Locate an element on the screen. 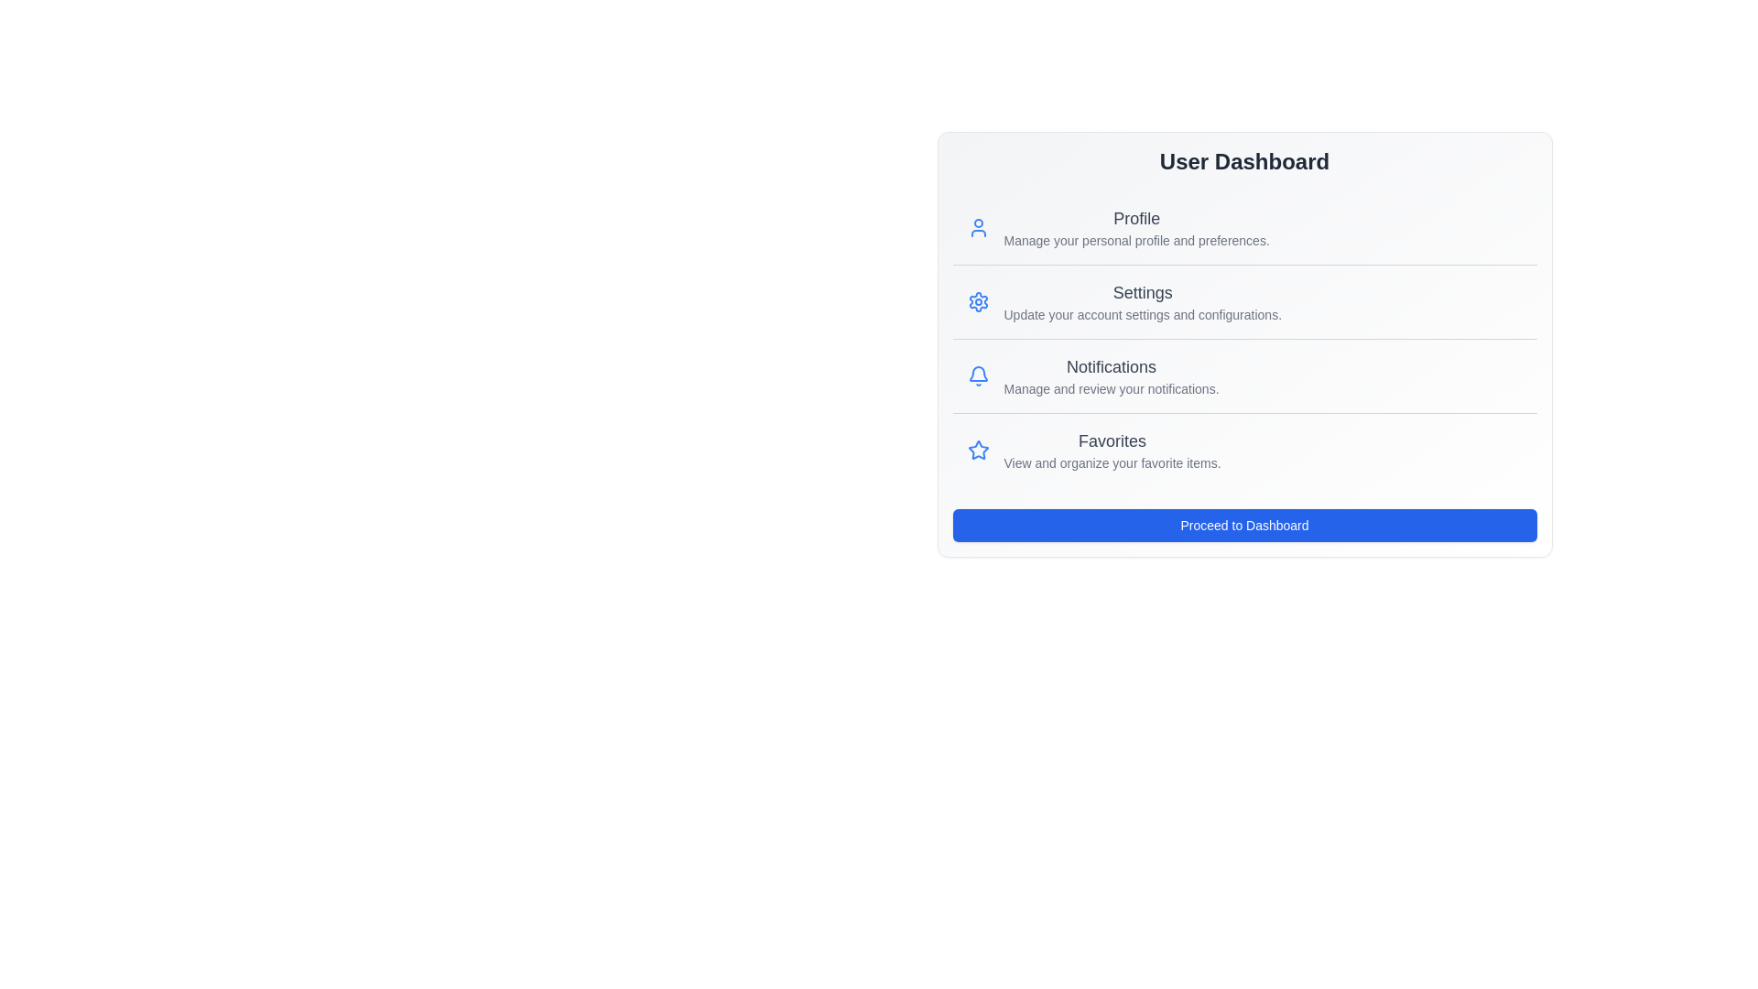  the vertical menu or navigation group located centrally in the 'User Dashboard' card is located at coordinates (1244, 339).